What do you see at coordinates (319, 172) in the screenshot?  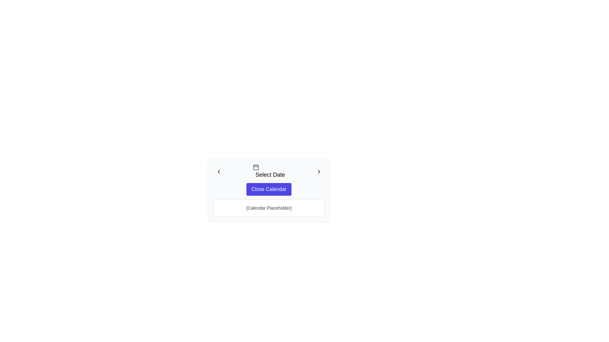 I see `the chevron-right icon located in the top-right region of the 'Select Date' box` at bounding box center [319, 172].